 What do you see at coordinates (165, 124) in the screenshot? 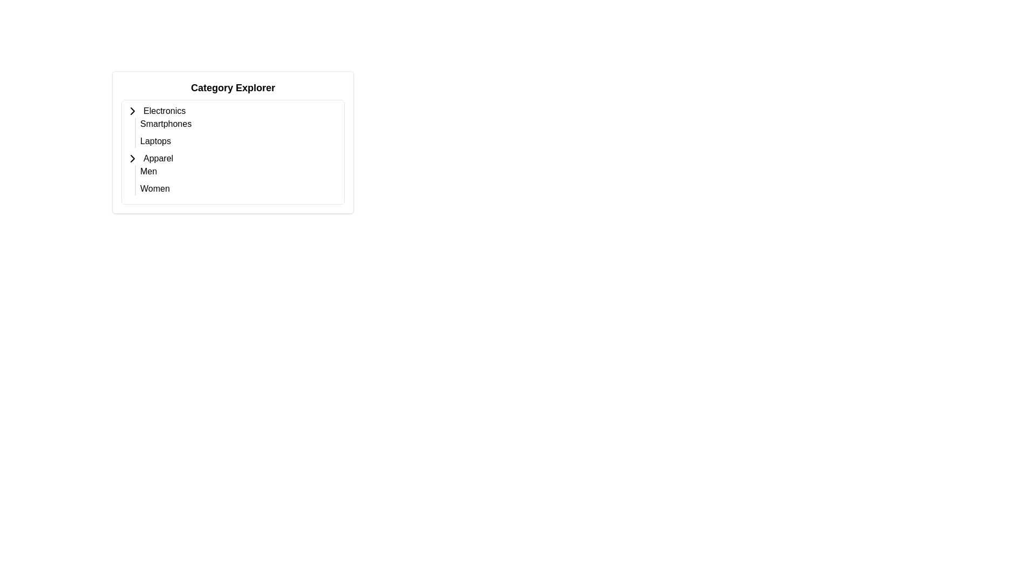
I see `the 'Smartphones' category label located under the 'Category Explorer' header in the 'Electronics' section` at bounding box center [165, 124].